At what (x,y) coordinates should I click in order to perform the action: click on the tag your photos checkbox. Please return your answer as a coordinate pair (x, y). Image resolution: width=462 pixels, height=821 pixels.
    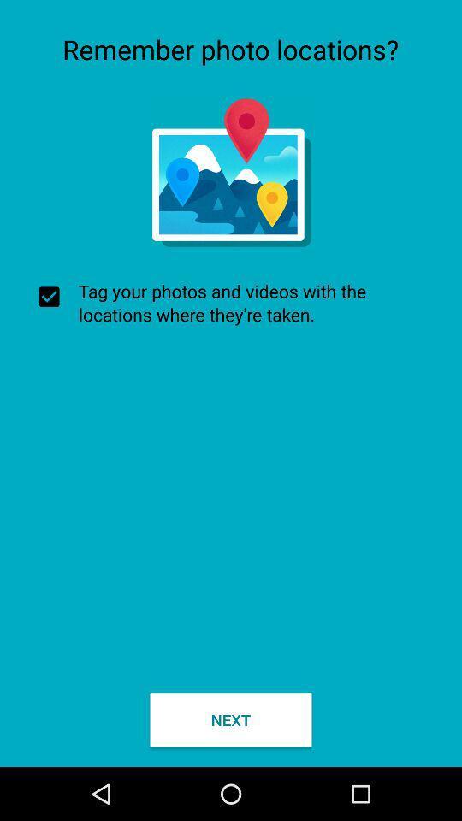
    Looking at the image, I should click on (231, 303).